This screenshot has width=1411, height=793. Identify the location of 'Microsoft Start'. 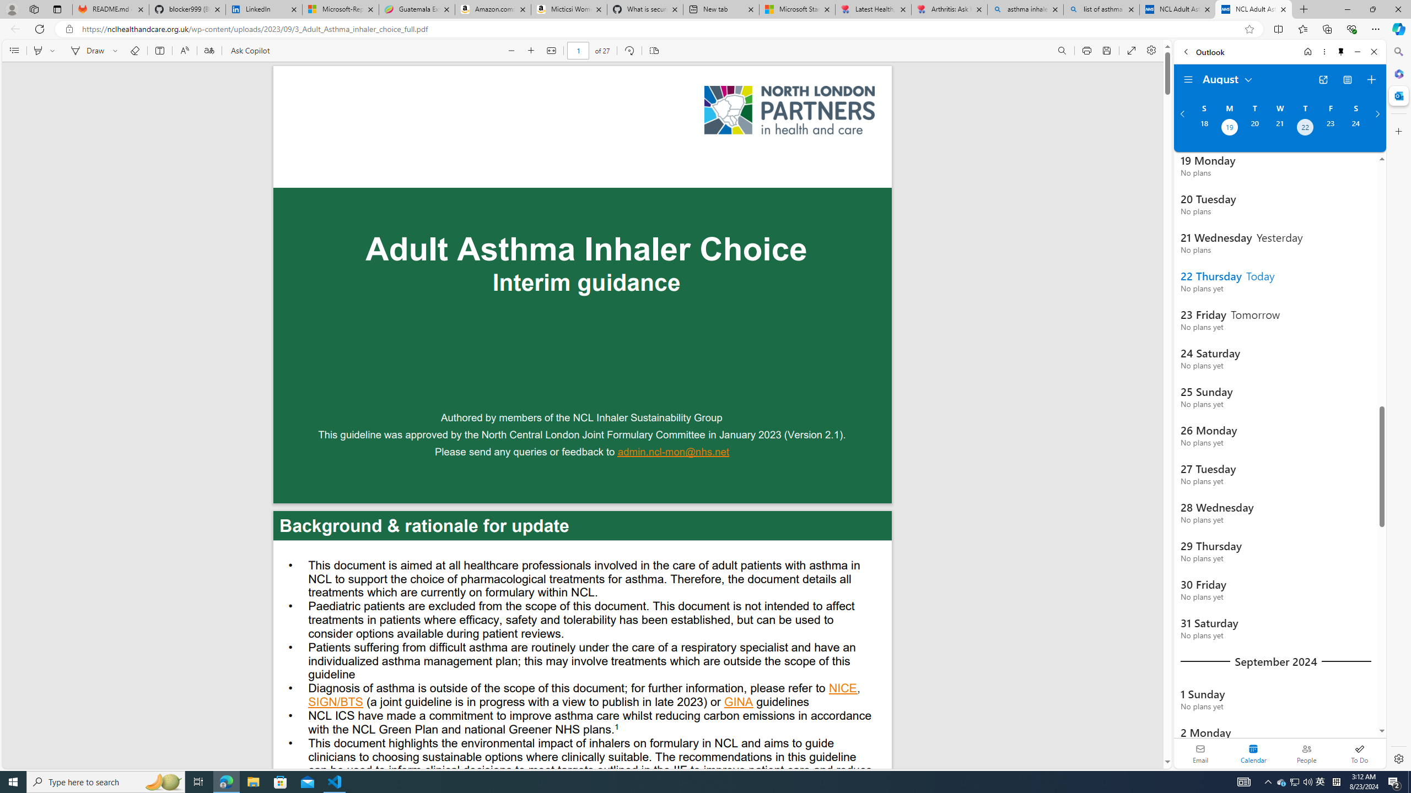
(797, 9).